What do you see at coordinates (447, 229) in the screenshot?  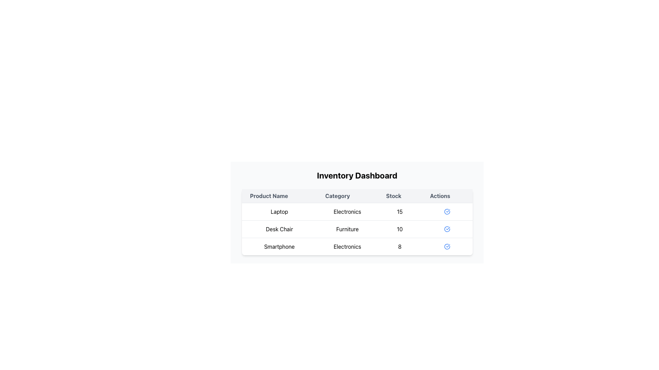 I see `the circular check icon in the 'Actions' column of the third row labeled 'Smartphone'` at bounding box center [447, 229].